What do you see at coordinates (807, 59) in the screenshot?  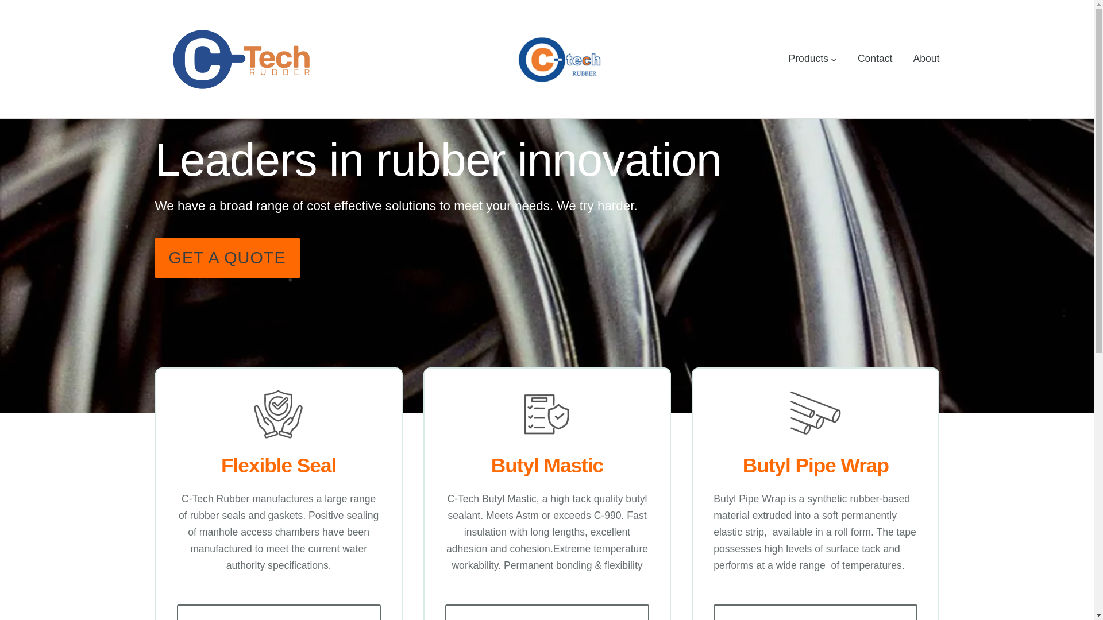 I see `'Products'` at bounding box center [807, 59].